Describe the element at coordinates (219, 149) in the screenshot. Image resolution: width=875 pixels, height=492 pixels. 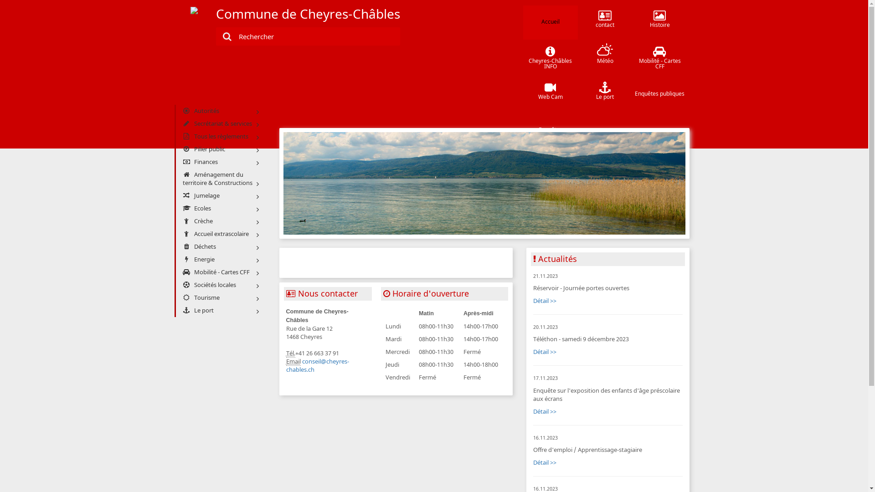
I see `'Pilier public'` at that location.